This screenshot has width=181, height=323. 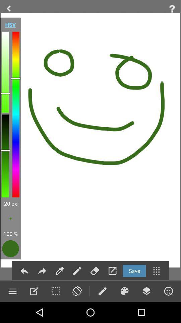 I want to click on resize, so click(x=55, y=291).